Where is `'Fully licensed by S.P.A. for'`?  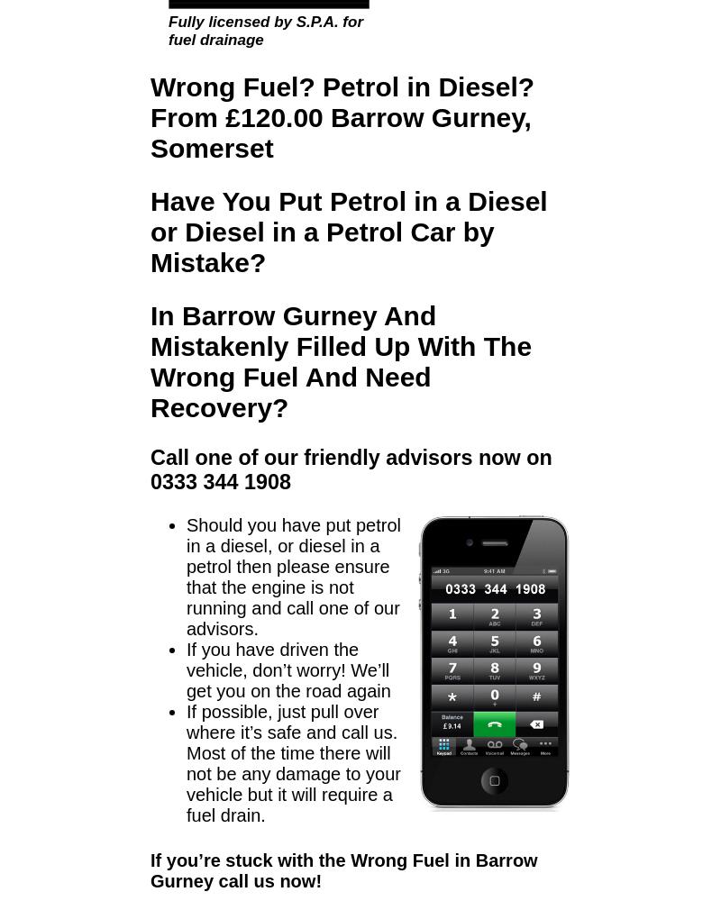 'Fully licensed by S.P.A. for' is located at coordinates (266, 21).